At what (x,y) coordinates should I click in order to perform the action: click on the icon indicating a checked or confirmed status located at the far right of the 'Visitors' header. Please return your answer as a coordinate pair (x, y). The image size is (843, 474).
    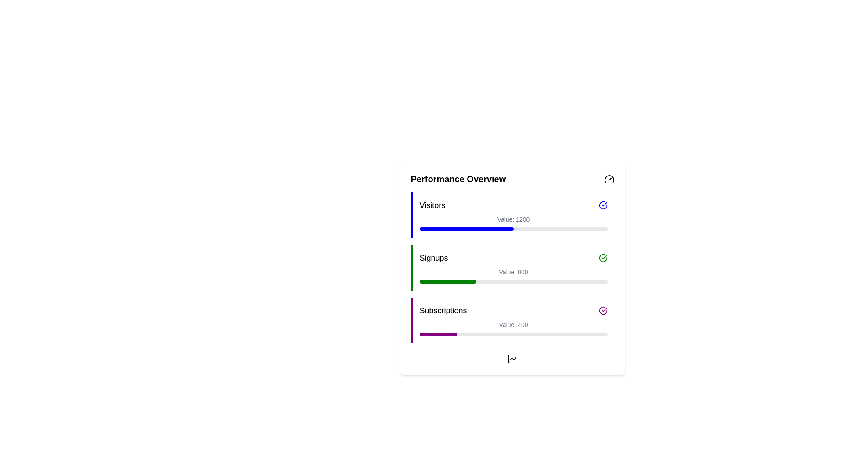
    Looking at the image, I should click on (602, 205).